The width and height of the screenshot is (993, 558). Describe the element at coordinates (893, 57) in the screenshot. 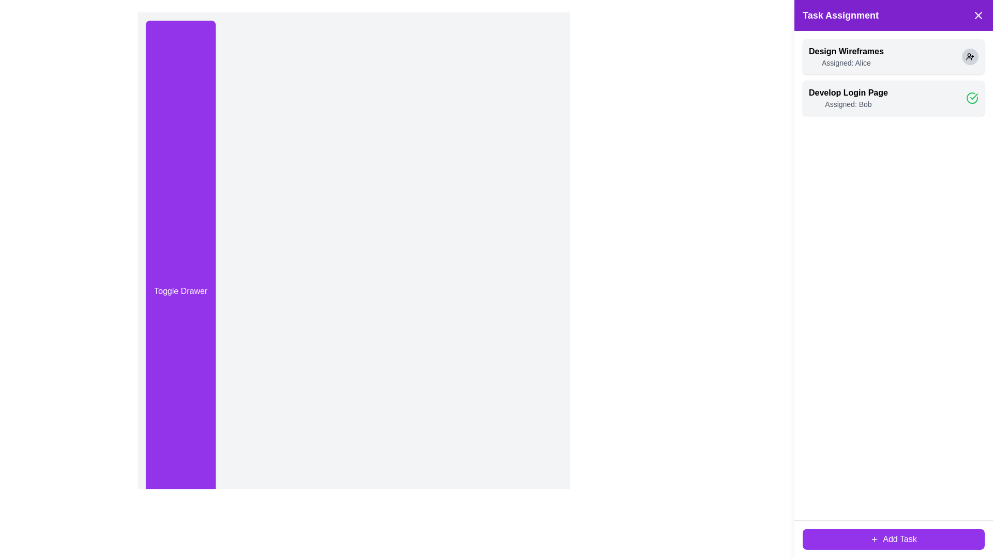

I see `the first task item` at that location.